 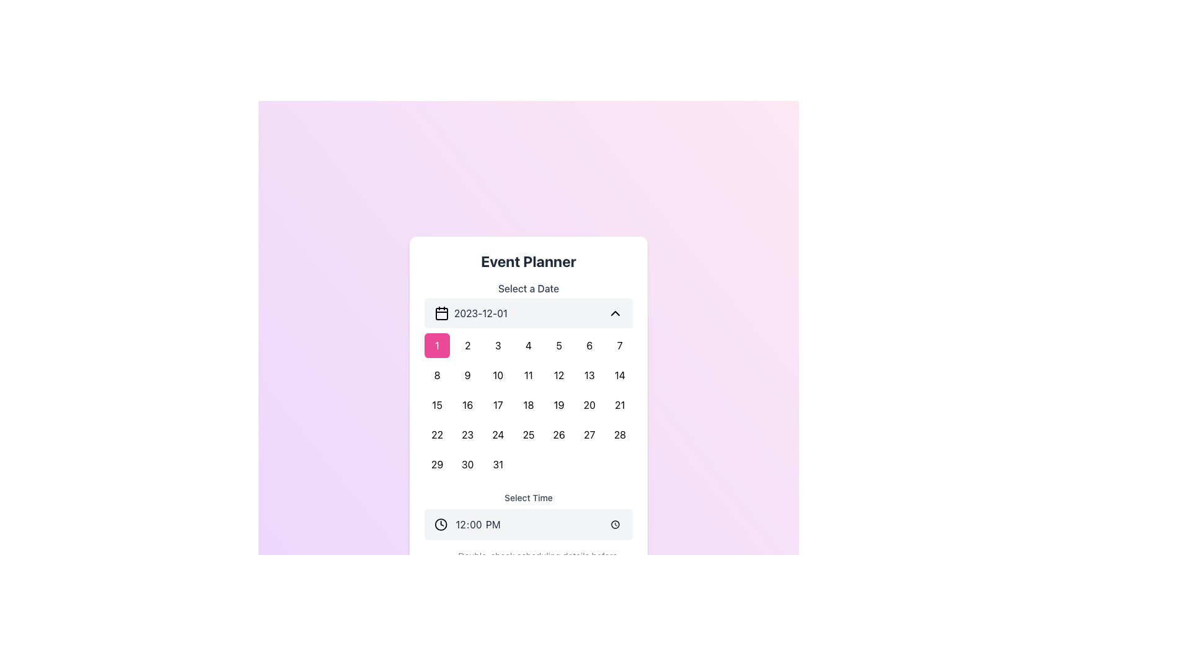 What do you see at coordinates (620, 405) in the screenshot?
I see `the button representing the date '21' in the calendar grid, located in the fourth row and seventh column` at bounding box center [620, 405].